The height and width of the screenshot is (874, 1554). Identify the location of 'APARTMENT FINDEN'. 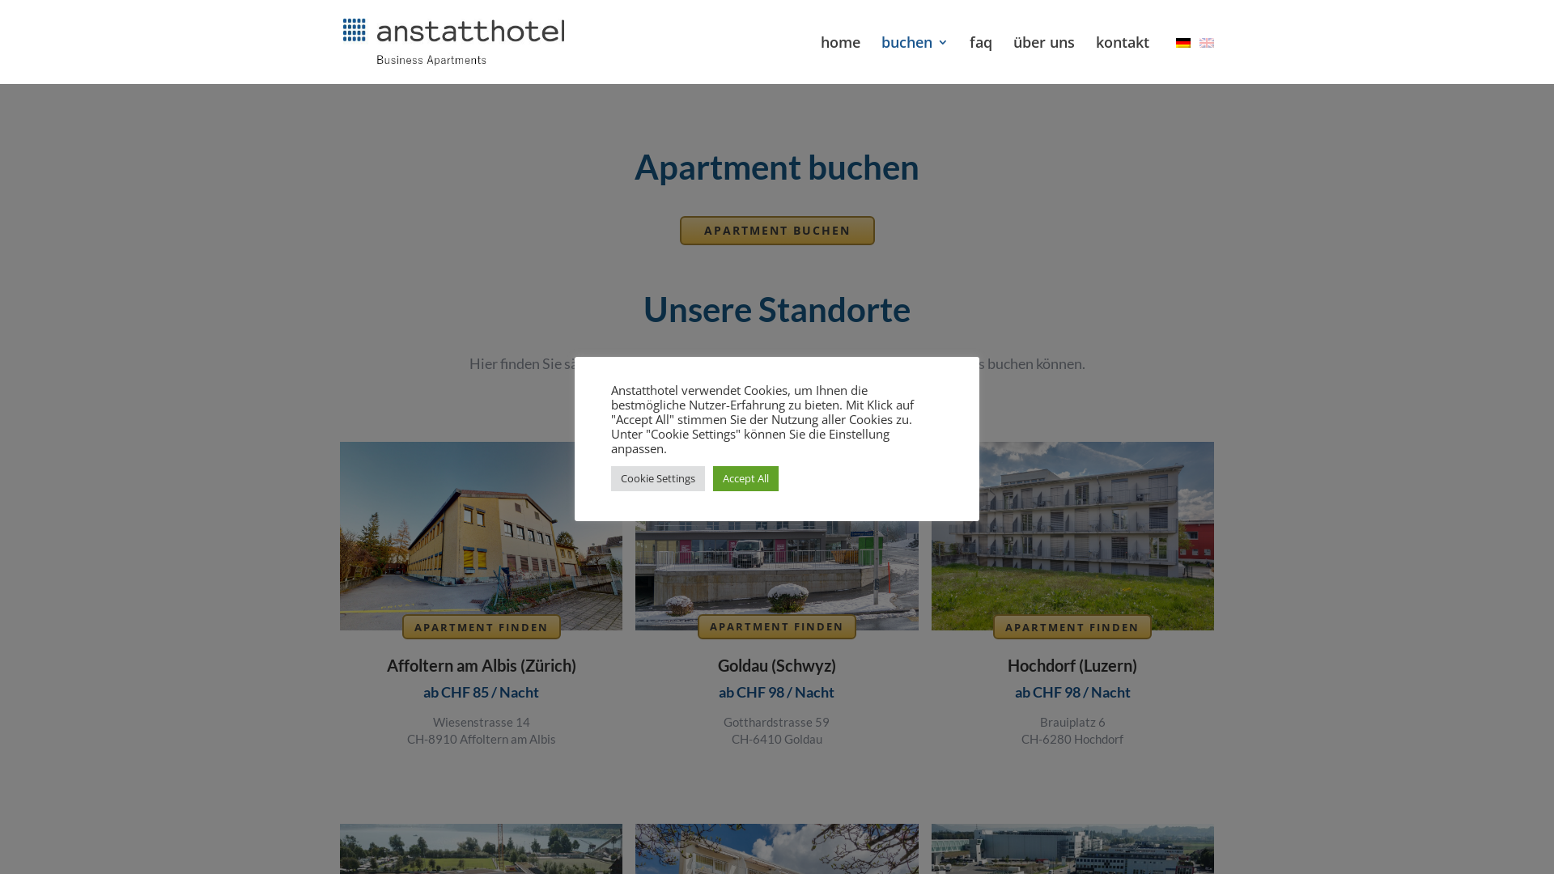
(1072, 626).